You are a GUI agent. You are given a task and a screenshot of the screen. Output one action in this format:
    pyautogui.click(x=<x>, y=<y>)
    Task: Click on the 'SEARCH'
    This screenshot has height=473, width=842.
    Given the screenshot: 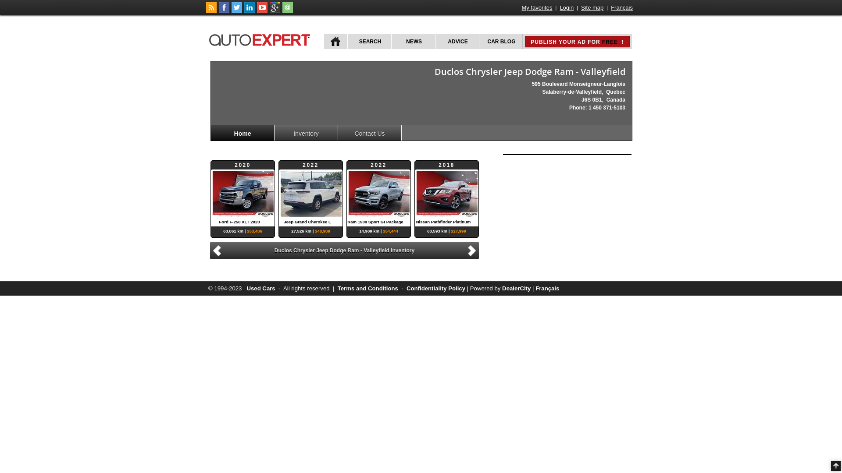 What is the action you would take?
    pyautogui.click(x=369, y=41)
    